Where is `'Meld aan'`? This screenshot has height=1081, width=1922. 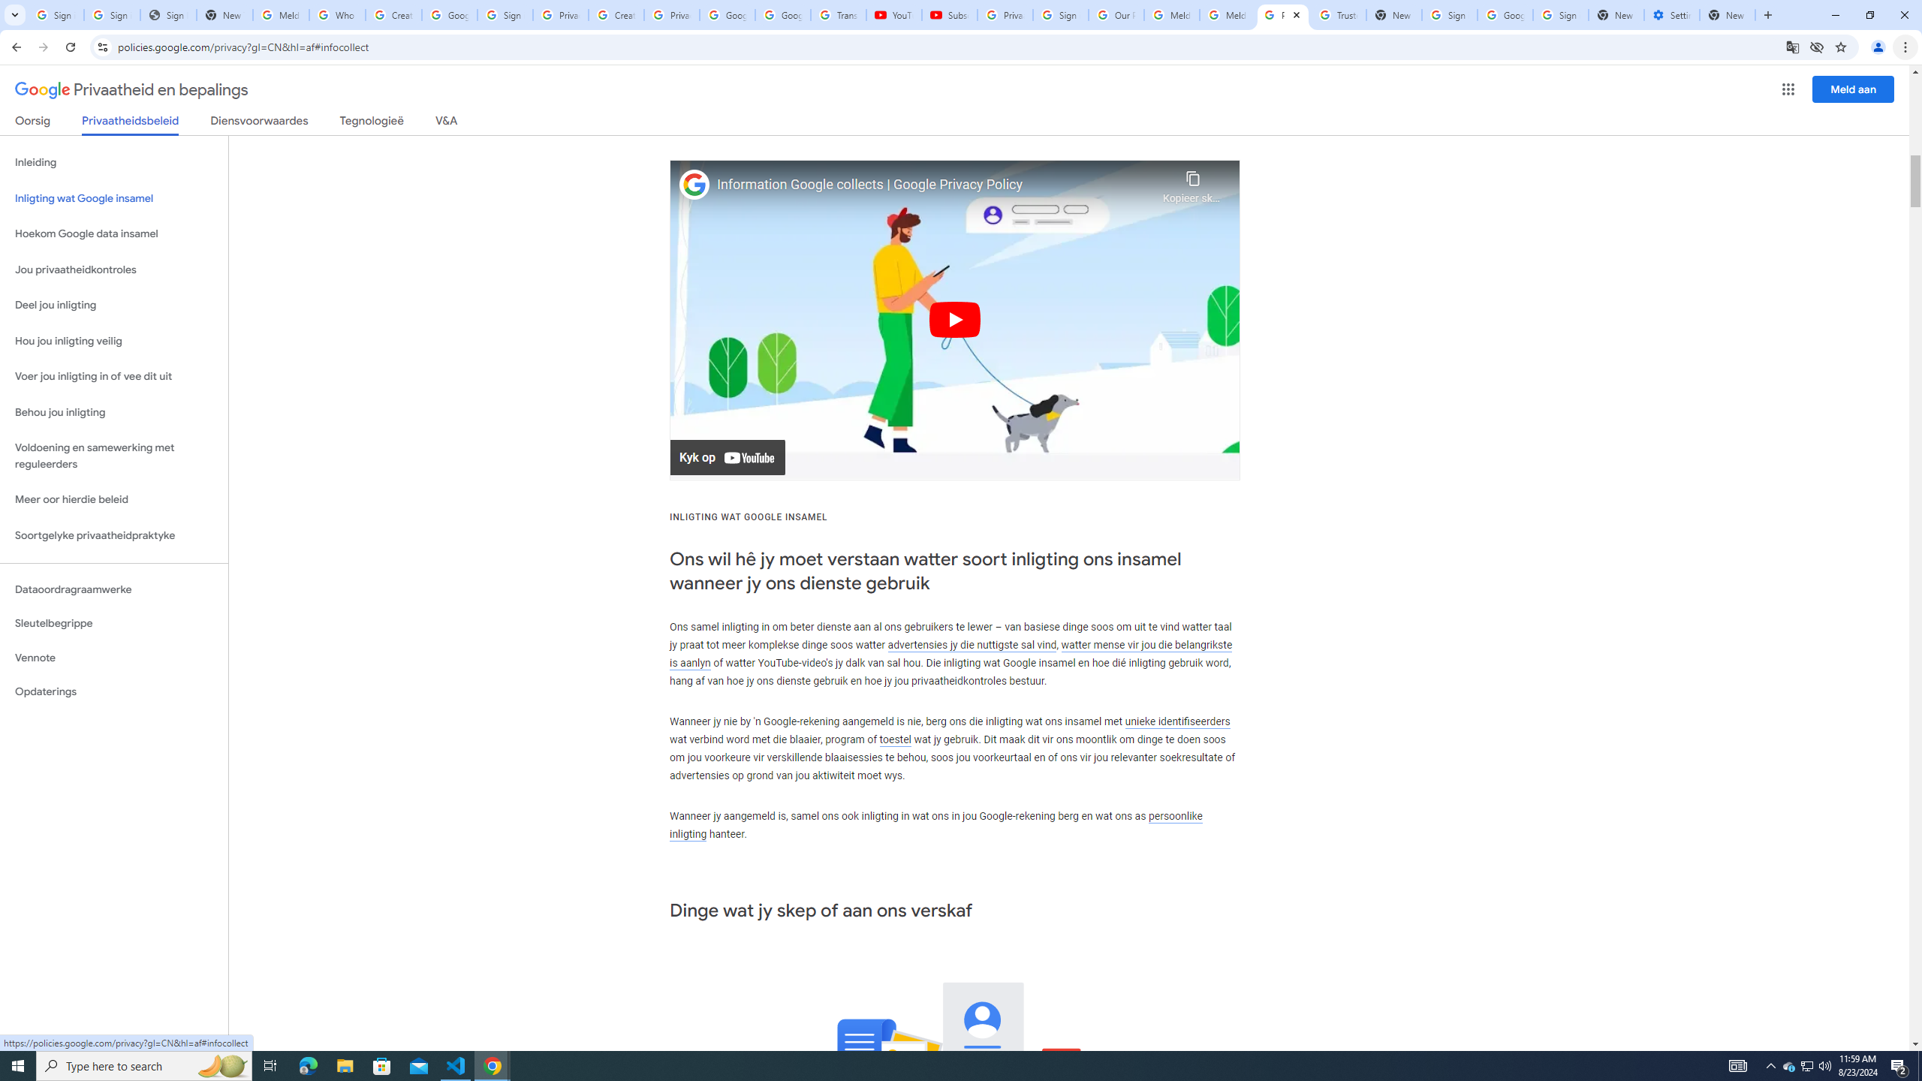
'Meld aan' is located at coordinates (1854, 89).